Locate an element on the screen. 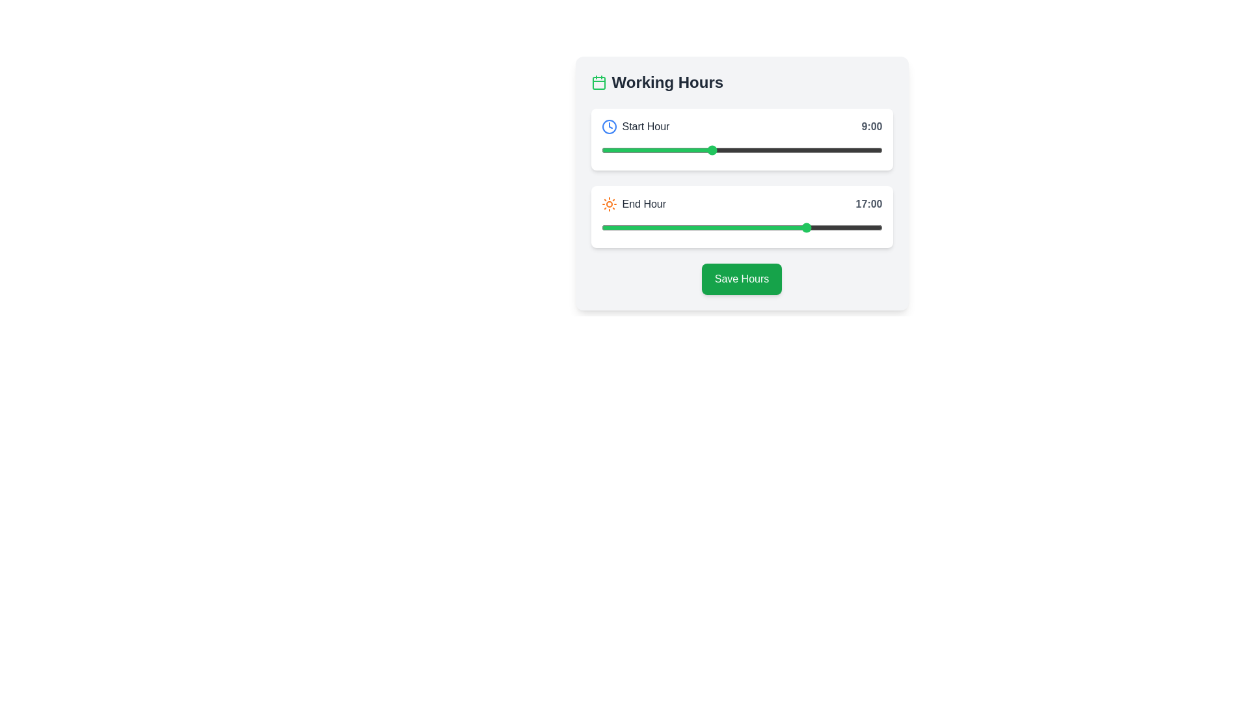 This screenshot has width=1249, height=703. time displayed by the text label showing '17:00', which is in a bold gray font and positioned to the right of the slider control for the 'End Hour' setting is located at coordinates (869, 204).